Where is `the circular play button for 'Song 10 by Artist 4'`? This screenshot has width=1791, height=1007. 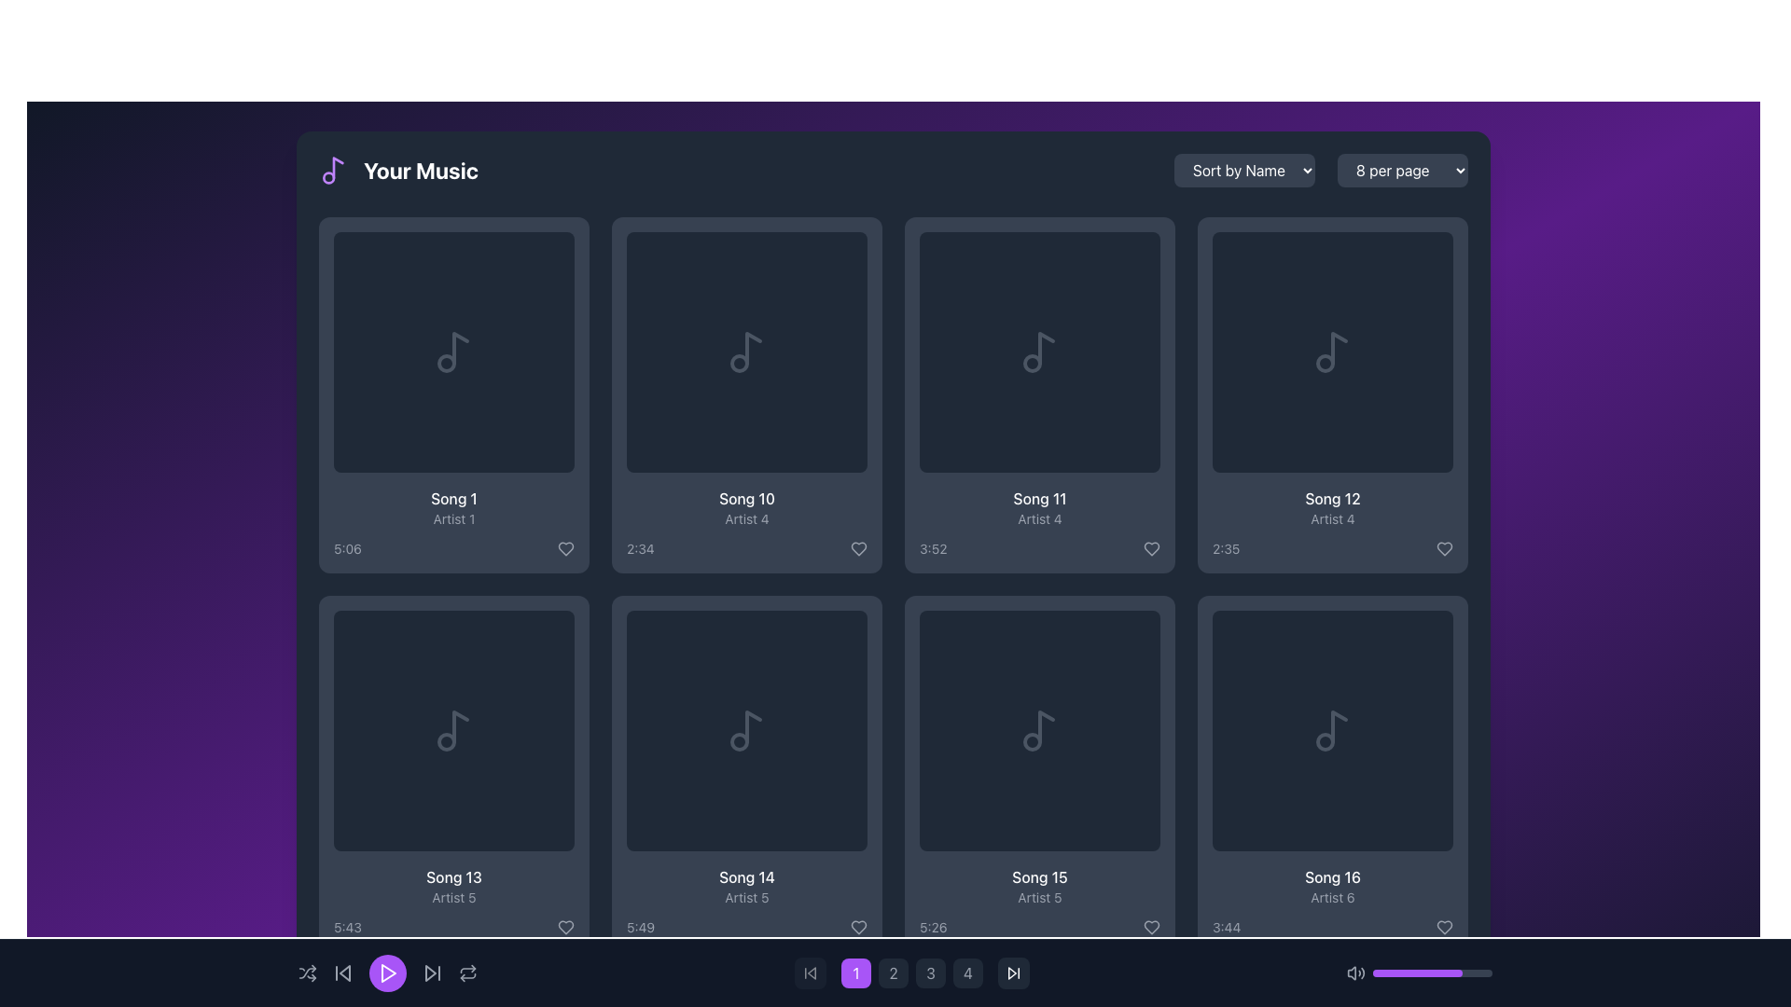 the circular play button for 'Song 10 by Artist 4' is located at coordinates (747, 352).